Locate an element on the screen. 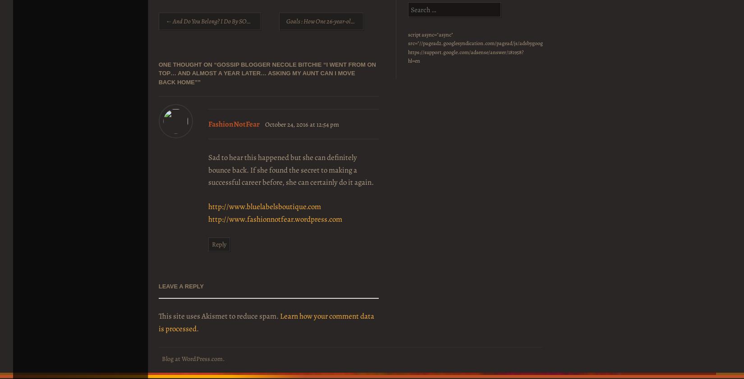 The height and width of the screenshot is (379, 744). 'Gossip Blogger Necole Bitchie  “I went from on top… and almost a year later… asking my aunt can I move back home”' is located at coordinates (266, 72).